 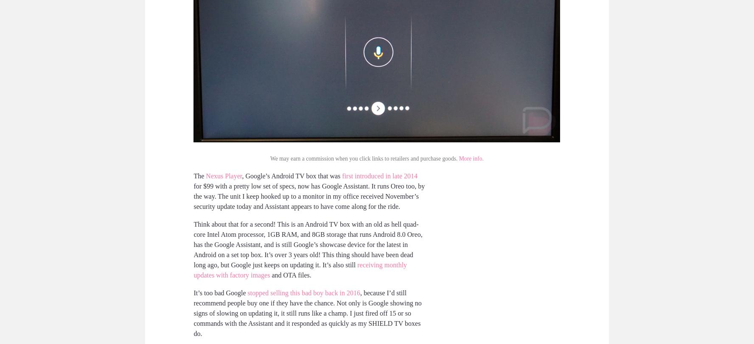 What do you see at coordinates (470, 158) in the screenshot?
I see `'More info.'` at bounding box center [470, 158].